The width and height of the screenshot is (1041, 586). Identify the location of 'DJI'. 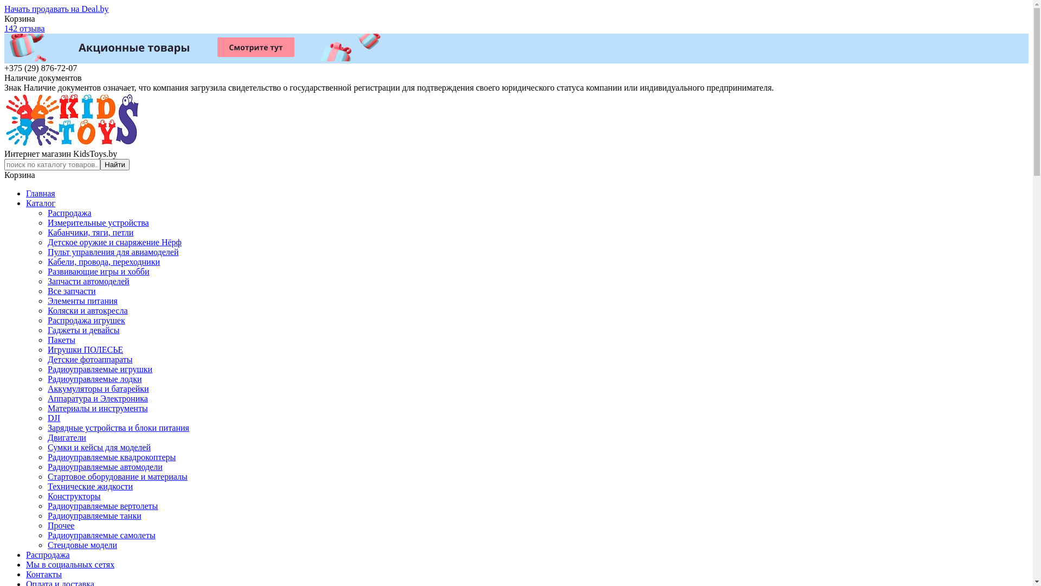
(53, 417).